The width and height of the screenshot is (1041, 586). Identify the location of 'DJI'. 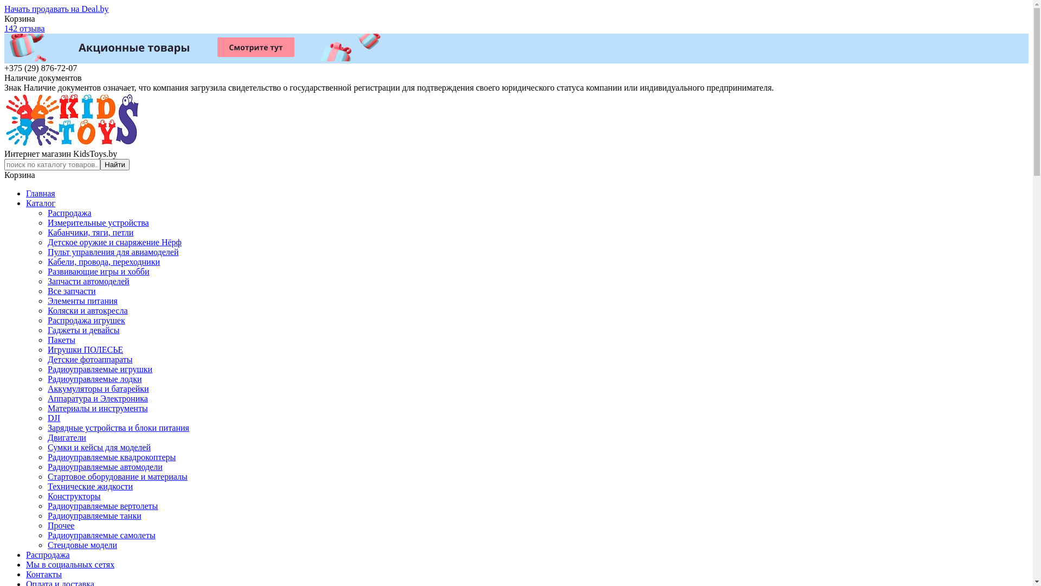
(53, 417).